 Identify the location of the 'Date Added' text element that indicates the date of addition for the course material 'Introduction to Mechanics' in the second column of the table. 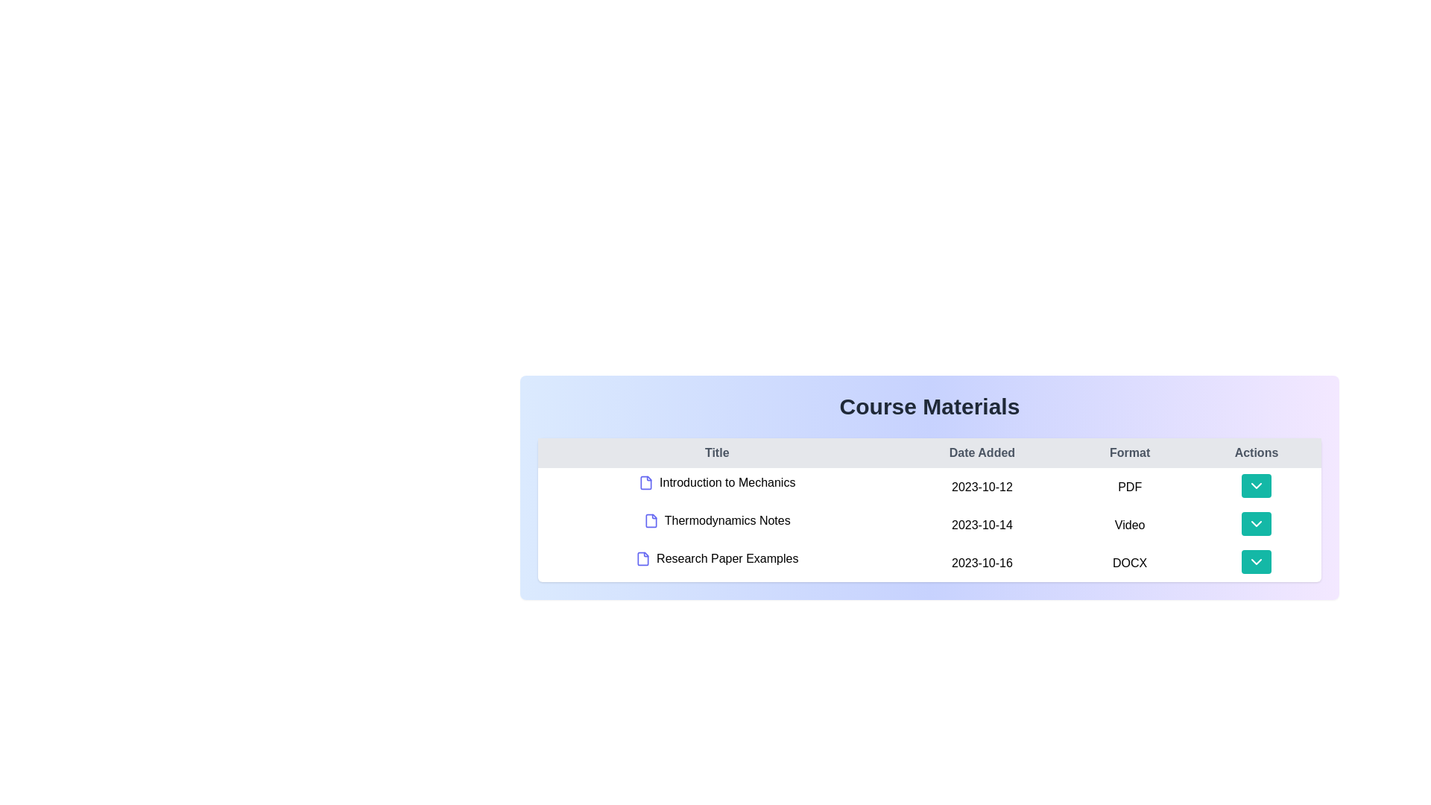
(982, 487).